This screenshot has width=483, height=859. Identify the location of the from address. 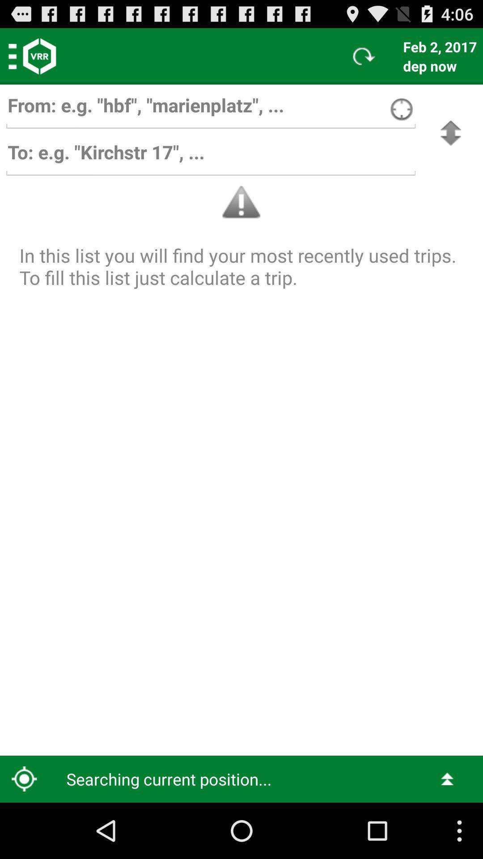
(211, 109).